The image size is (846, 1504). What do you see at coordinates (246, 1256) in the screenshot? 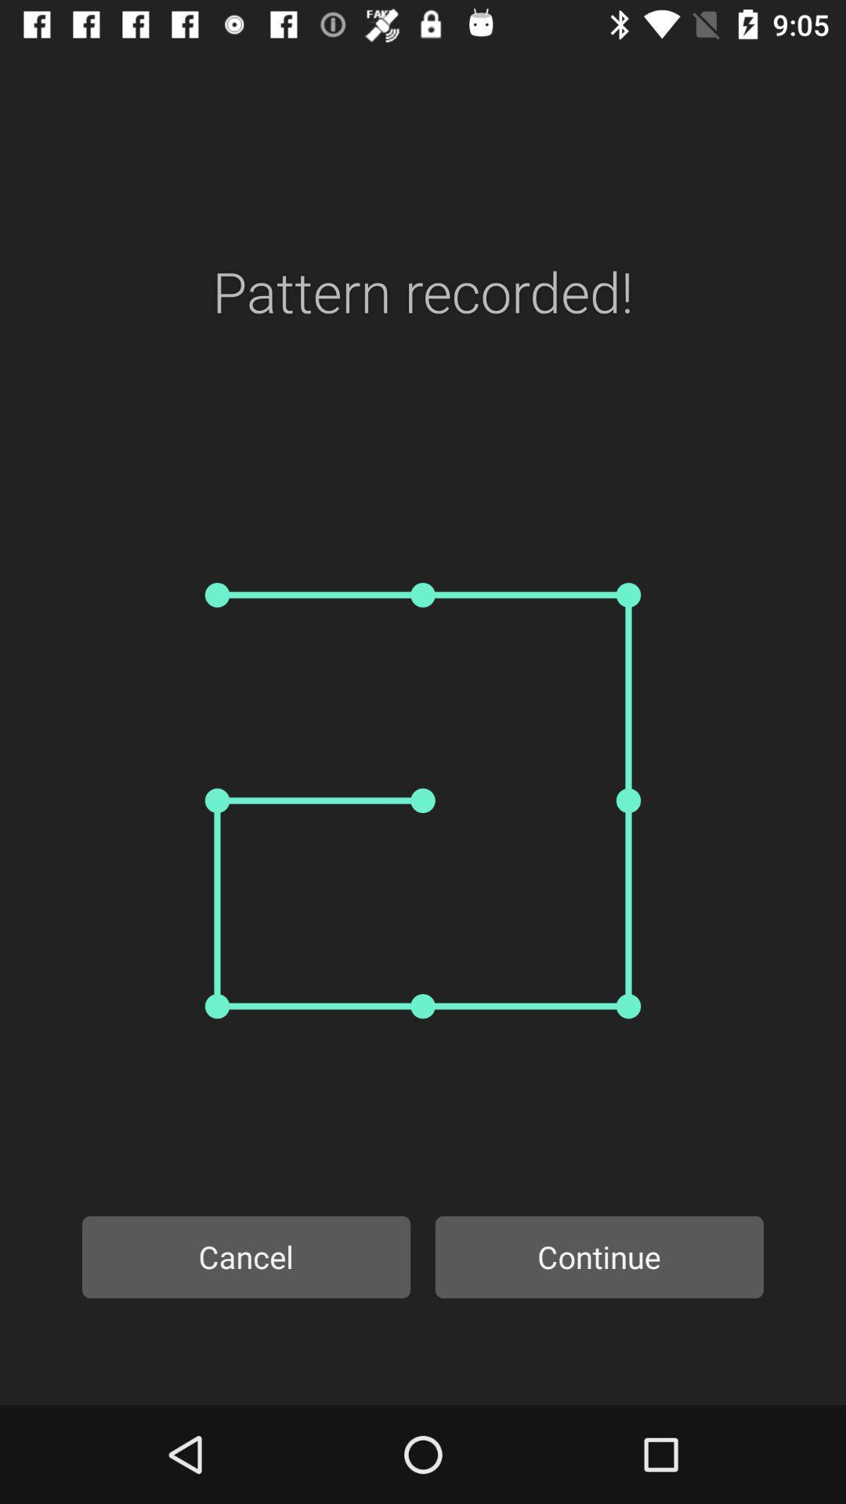
I see `item to the left of the continue item` at bounding box center [246, 1256].